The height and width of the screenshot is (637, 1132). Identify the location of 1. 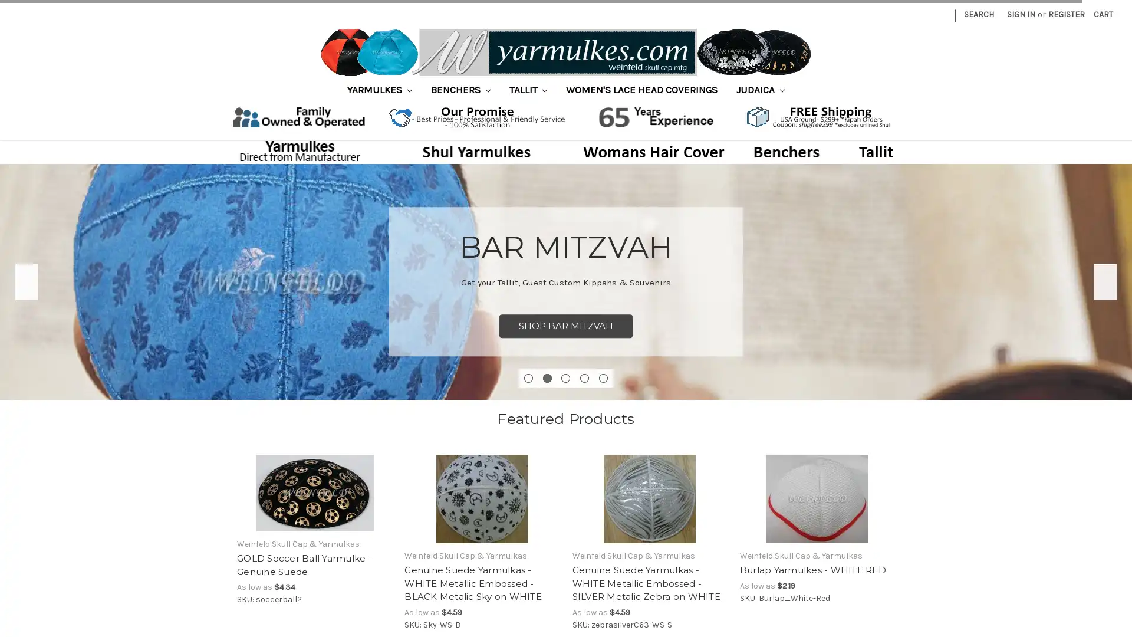
(527, 377).